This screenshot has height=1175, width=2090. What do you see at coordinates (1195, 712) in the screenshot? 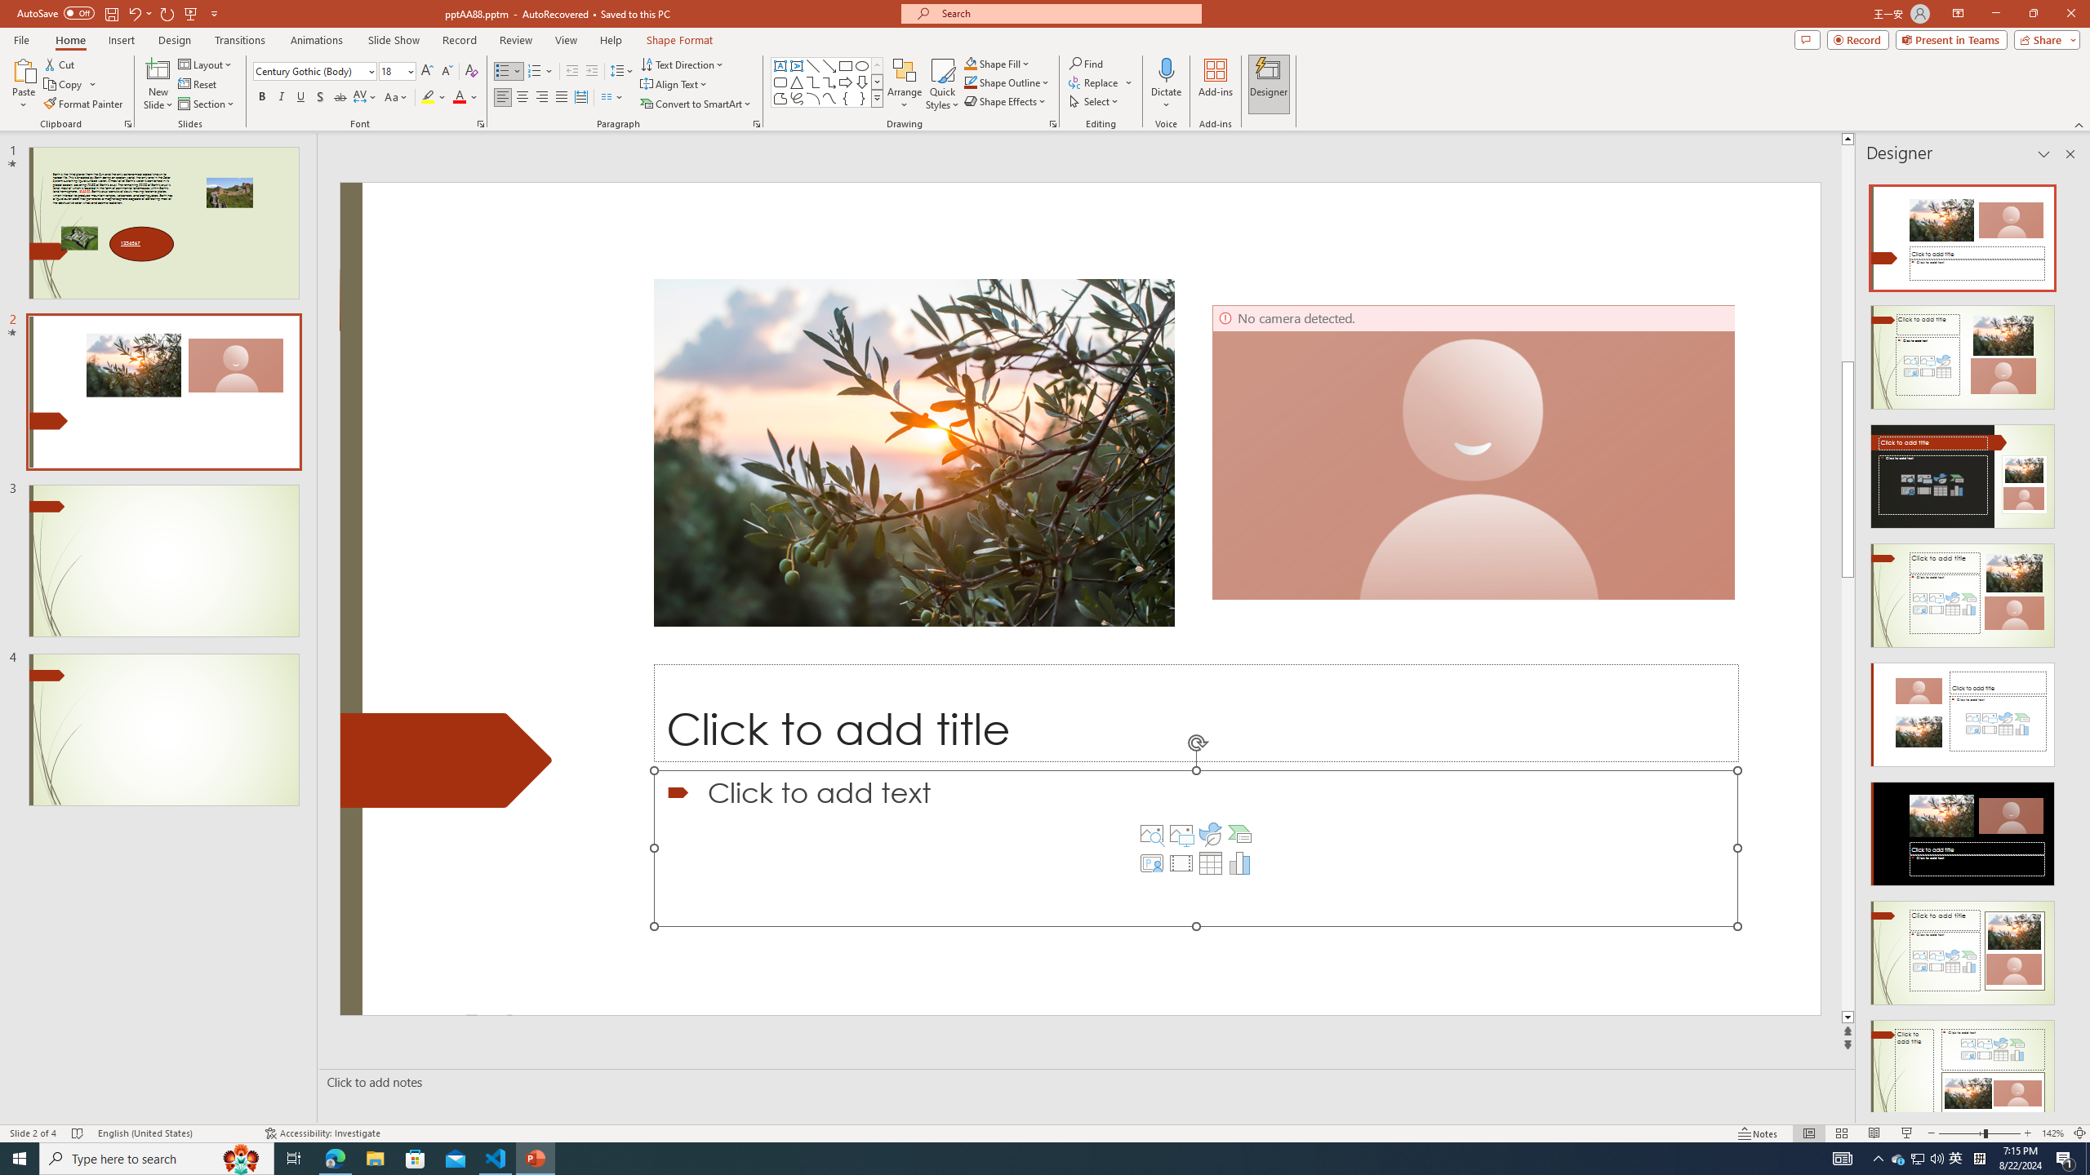
I see `'Title TextBox'` at bounding box center [1195, 712].